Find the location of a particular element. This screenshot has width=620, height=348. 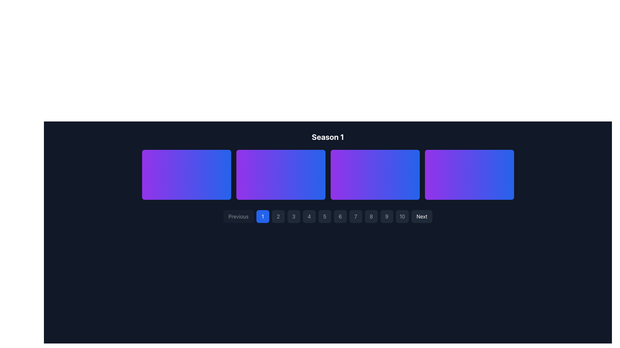

the navigation button located at the far right of the horizontal navigation bar to proceed to the next set of items or page is located at coordinates (422, 217).